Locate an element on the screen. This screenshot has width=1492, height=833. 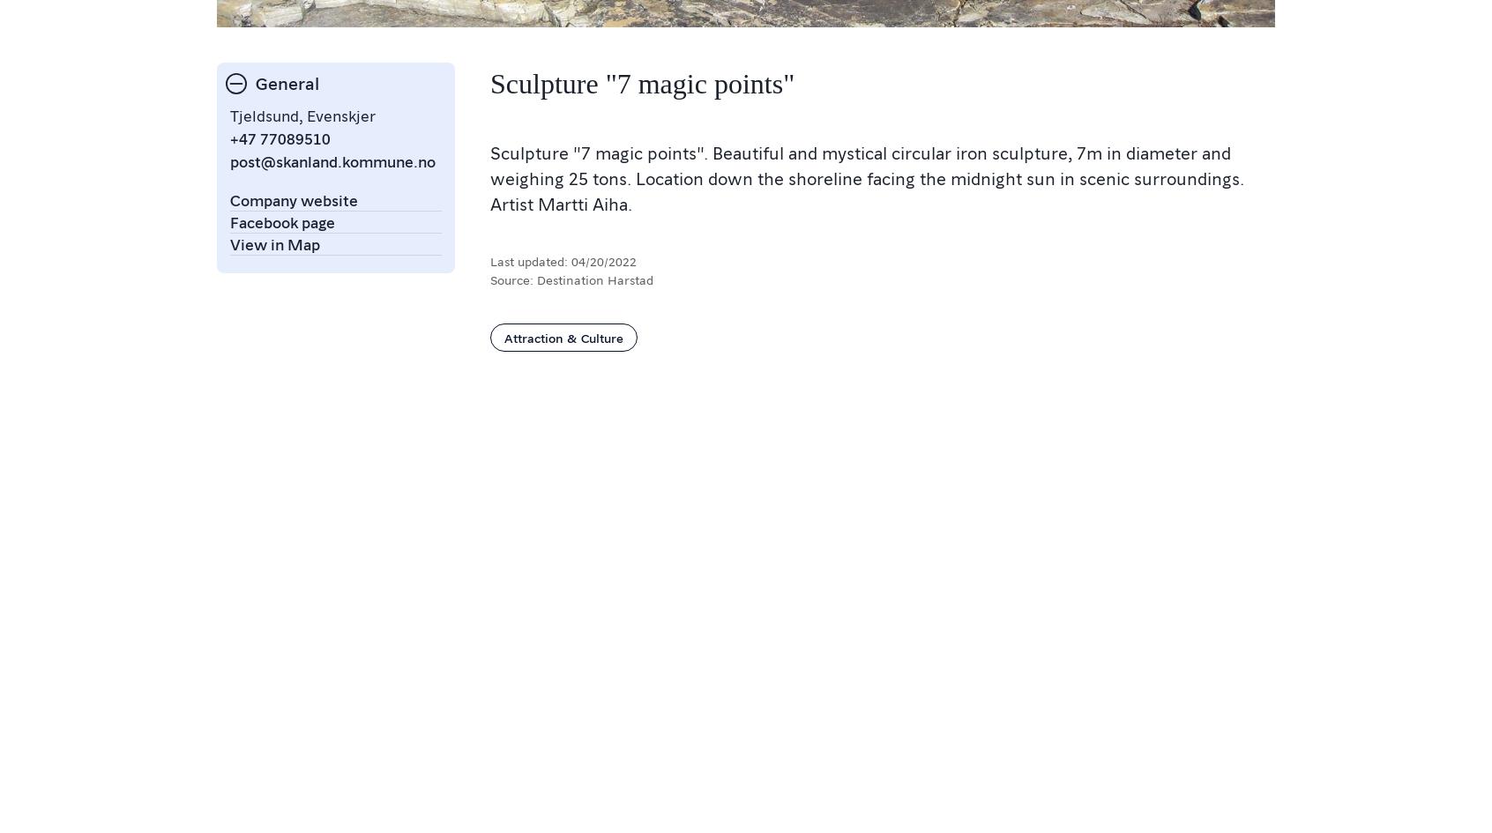
'Attraction & Culture' is located at coordinates (563, 335).